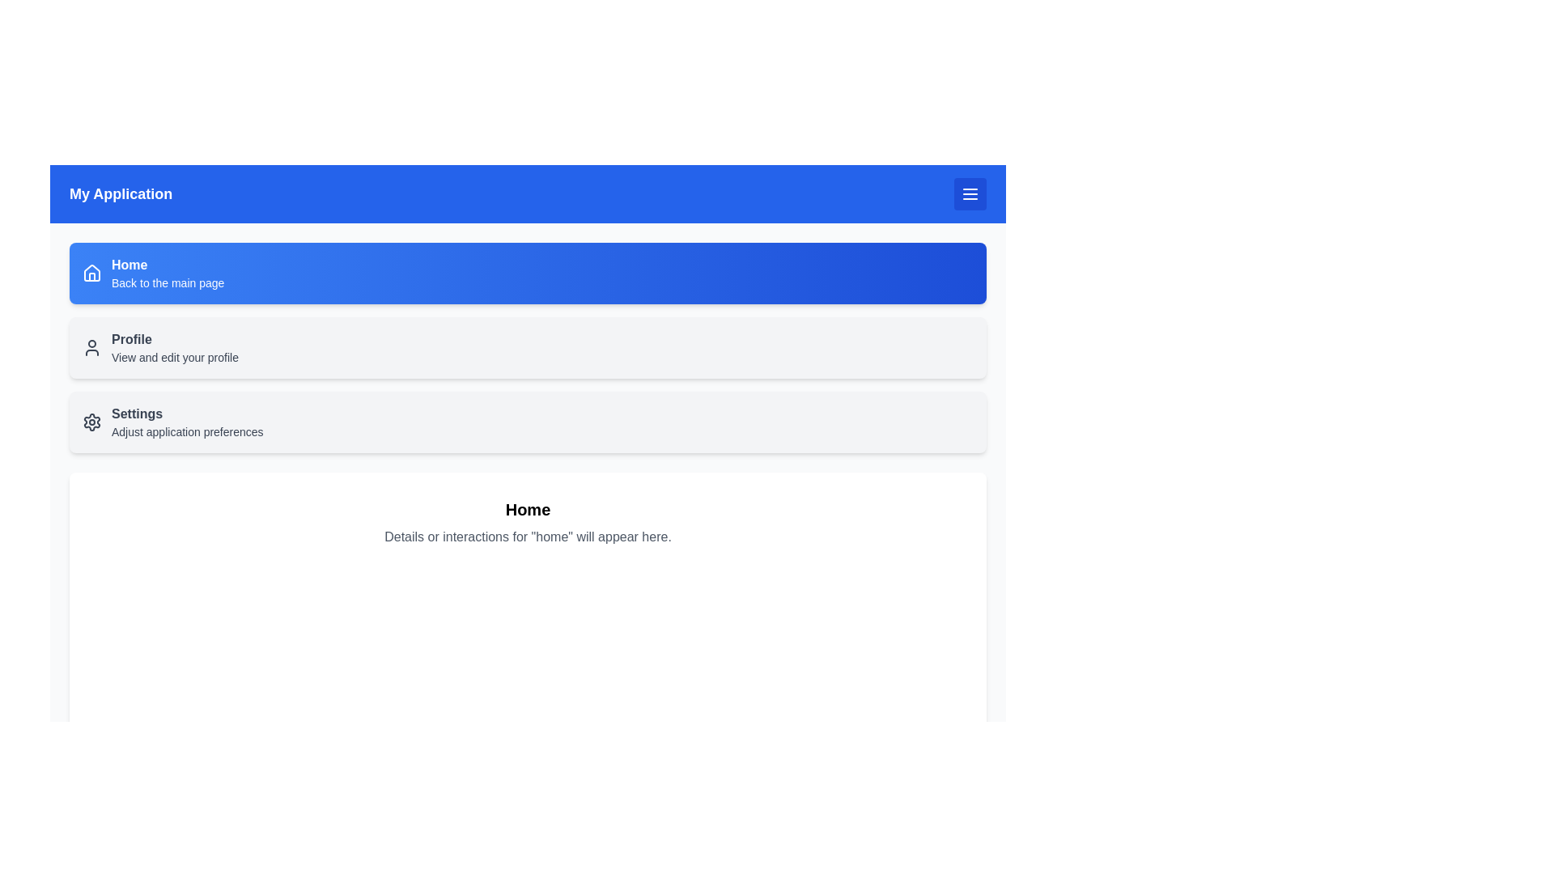 The height and width of the screenshot is (874, 1554). What do you see at coordinates (129, 264) in the screenshot?
I see `the 'Home' label text element, which indicates the current page or navigation item, positioned slightly to the right of the blue rectangle and above the 'Back to the main page' text` at bounding box center [129, 264].